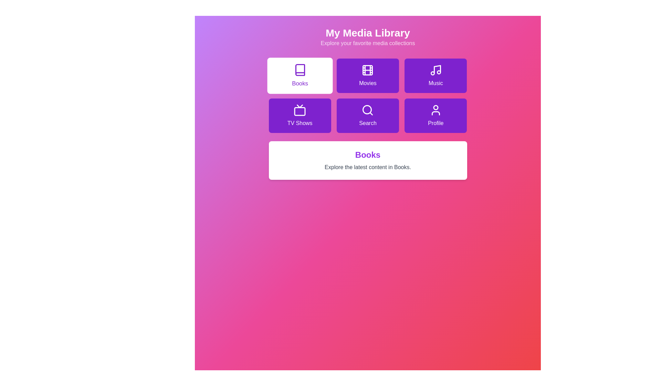  I want to click on the Profile icon located at the top of the 'Profile' button in the bottom-right of the grid of selectable options, so click(435, 110).